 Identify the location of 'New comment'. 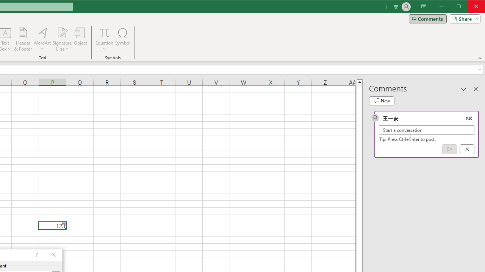
(382, 100).